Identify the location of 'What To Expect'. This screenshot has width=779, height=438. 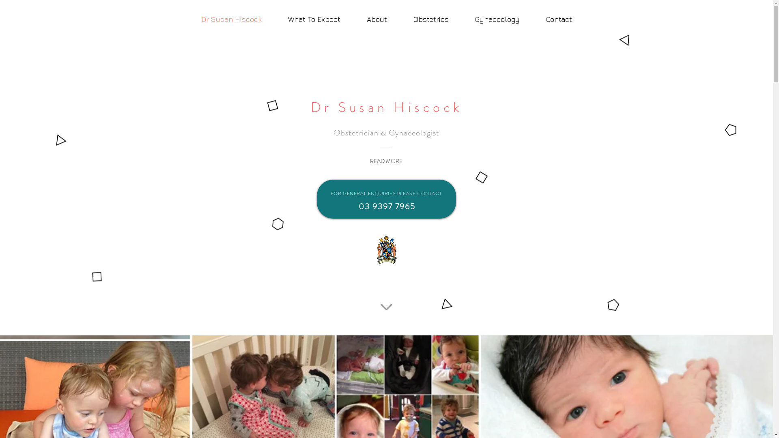
(314, 19).